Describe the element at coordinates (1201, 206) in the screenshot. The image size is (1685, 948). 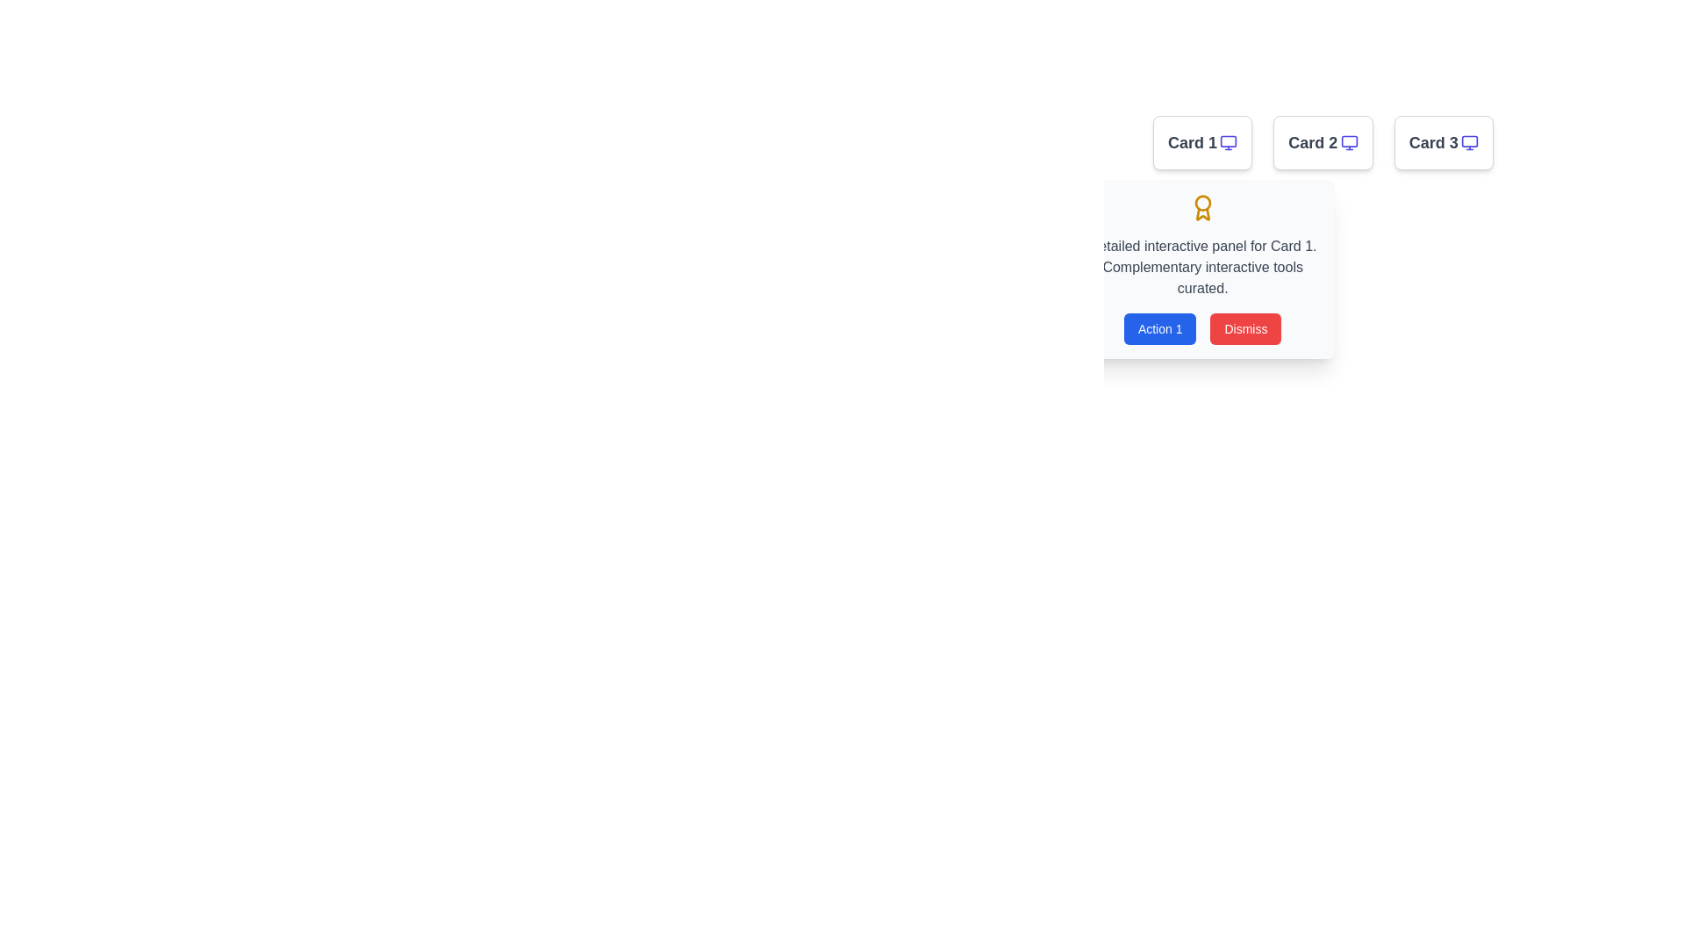
I see `the award icon with a circular medal-like design and yellow color located in the special panel below the 'Card 1' button` at that location.